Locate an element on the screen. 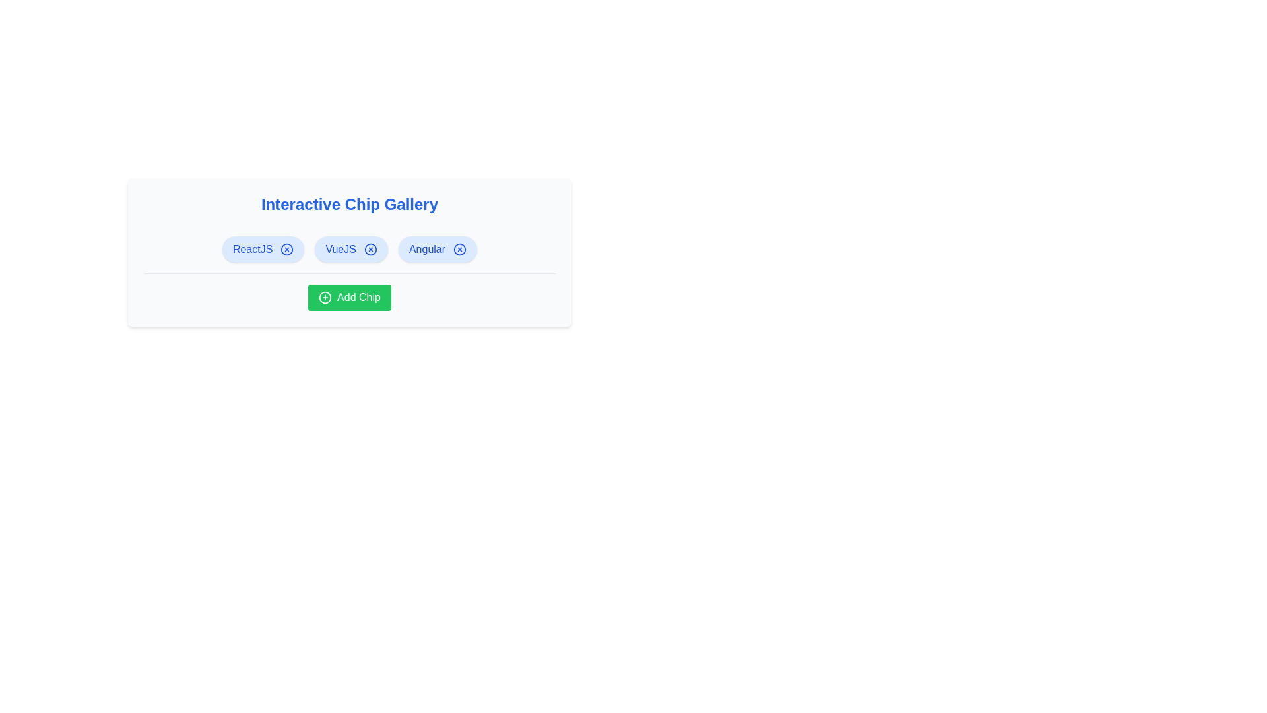 This screenshot has width=1267, height=713. the 'X' icon of the chip labeled ReactJS to remove it is located at coordinates (286, 250).